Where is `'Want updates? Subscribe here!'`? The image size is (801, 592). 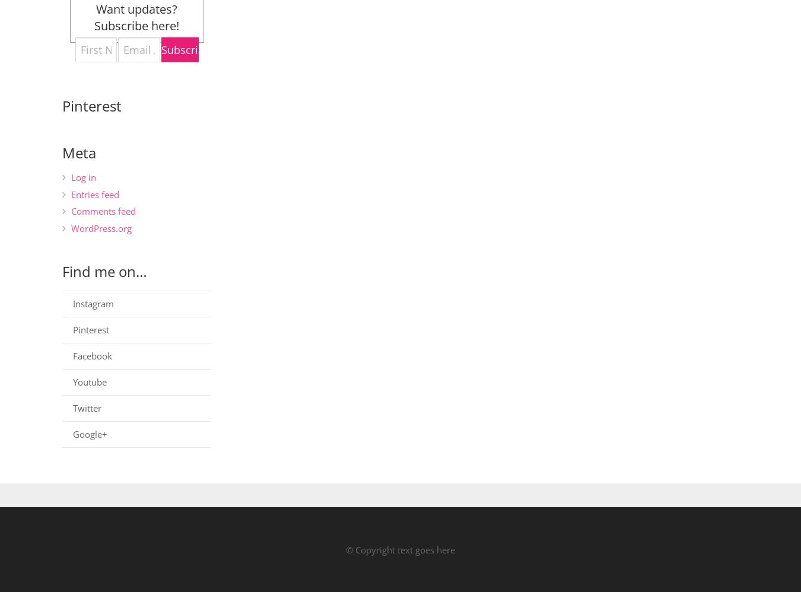 'Want updates? Subscribe here!' is located at coordinates (136, 17).